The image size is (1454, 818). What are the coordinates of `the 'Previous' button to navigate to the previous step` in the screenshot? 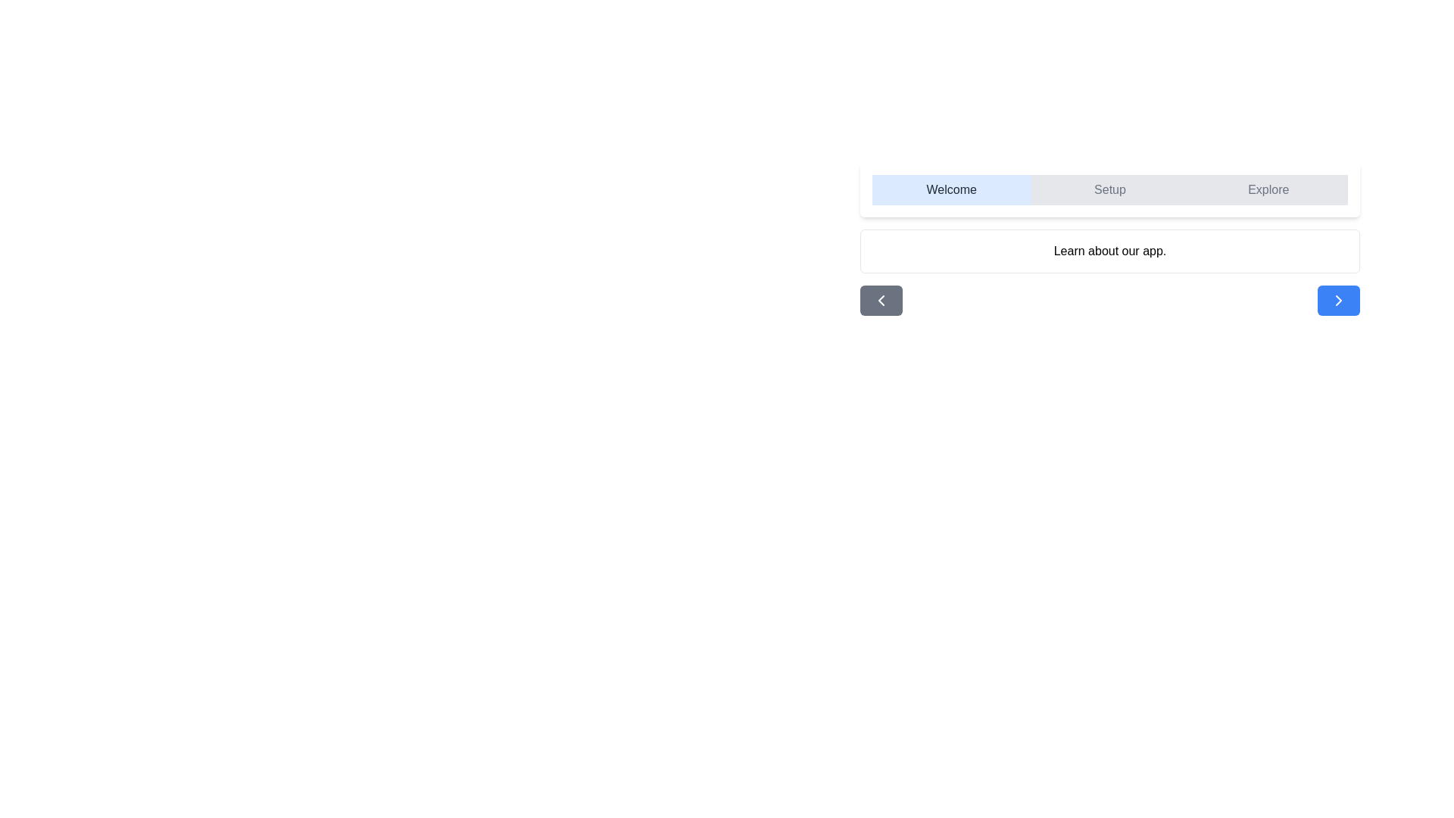 It's located at (881, 301).